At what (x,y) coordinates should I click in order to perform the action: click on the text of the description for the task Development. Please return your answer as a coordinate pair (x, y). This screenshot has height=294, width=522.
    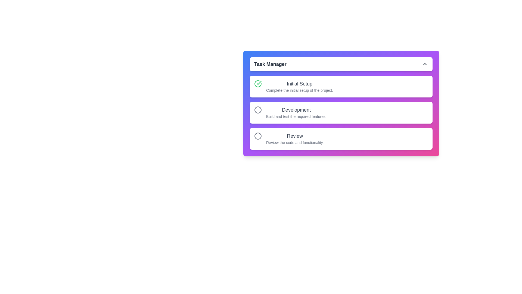
    Looking at the image, I should click on (296, 112).